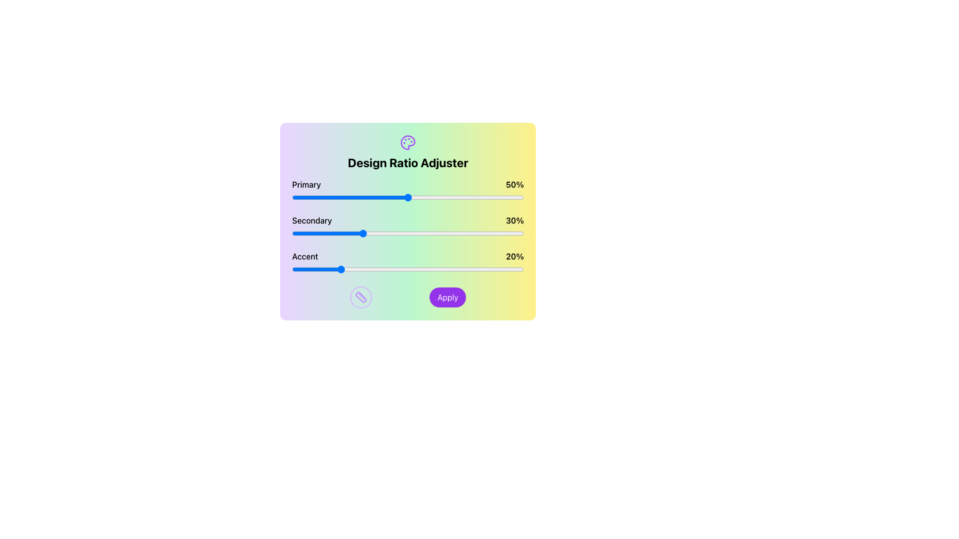 The width and height of the screenshot is (959, 539). Describe the element at coordinates (329, 269) in the screenshot. I see `the accent ratio` at that location.